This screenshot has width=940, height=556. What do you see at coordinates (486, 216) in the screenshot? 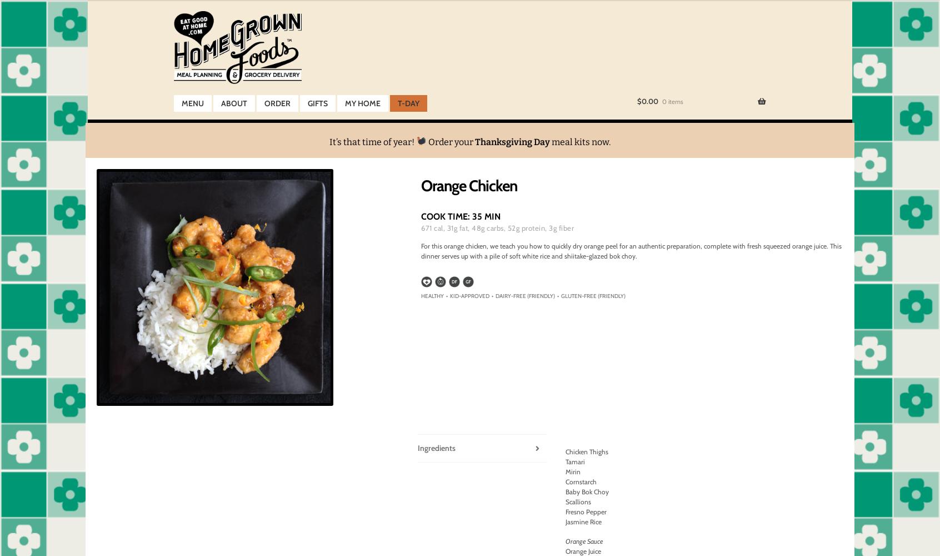
I see `'35 min'` at bounding box center [486, 216].